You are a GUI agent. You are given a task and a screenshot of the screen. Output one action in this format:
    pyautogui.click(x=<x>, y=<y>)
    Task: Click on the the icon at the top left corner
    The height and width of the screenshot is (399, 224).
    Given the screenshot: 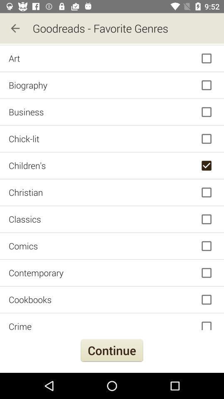 What is the action you would take?
    pyautogui.click(x=15, y=28)
    